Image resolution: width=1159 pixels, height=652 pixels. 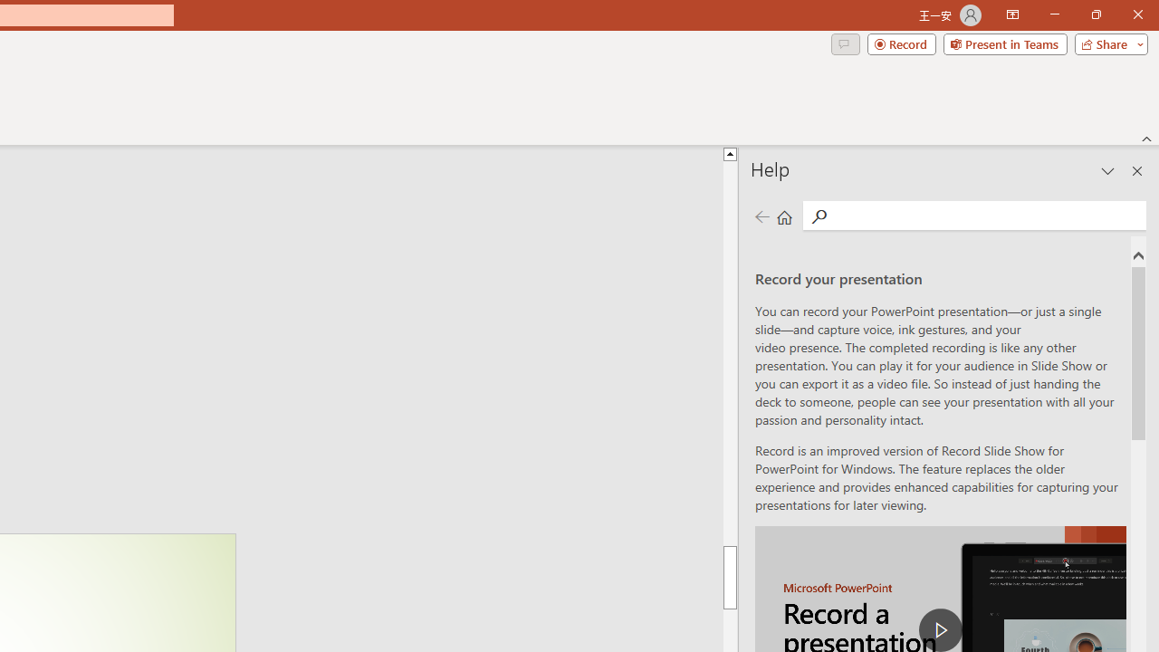 What do you see at coordinates (784, 216) in the screenshot?
I see `'Home'` at bounding box center [784, 216].